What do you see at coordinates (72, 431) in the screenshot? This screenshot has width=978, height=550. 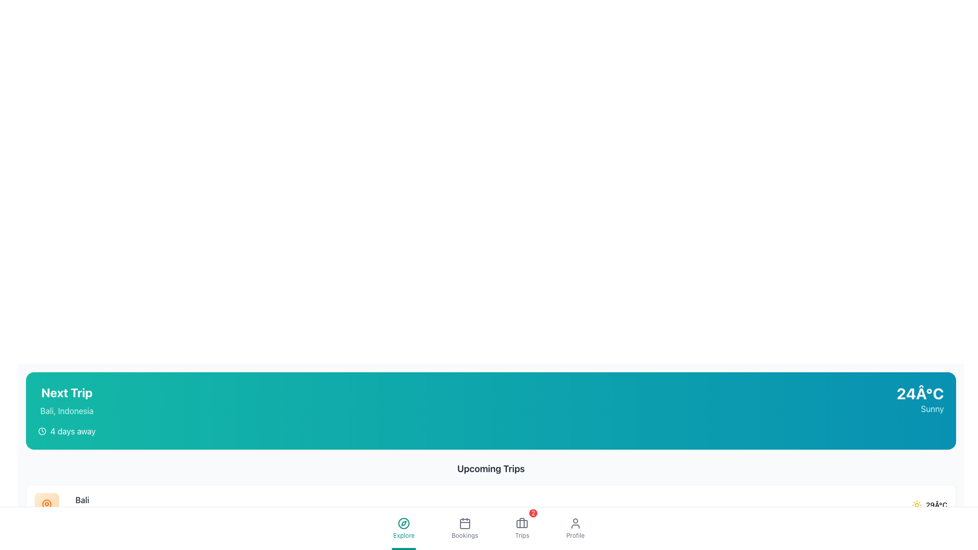 I see `the Text label that displays the time remaining until the next trip, positioned to the right of the clock icon in the 'Next Trip' section` at bounding box center [72, 431].